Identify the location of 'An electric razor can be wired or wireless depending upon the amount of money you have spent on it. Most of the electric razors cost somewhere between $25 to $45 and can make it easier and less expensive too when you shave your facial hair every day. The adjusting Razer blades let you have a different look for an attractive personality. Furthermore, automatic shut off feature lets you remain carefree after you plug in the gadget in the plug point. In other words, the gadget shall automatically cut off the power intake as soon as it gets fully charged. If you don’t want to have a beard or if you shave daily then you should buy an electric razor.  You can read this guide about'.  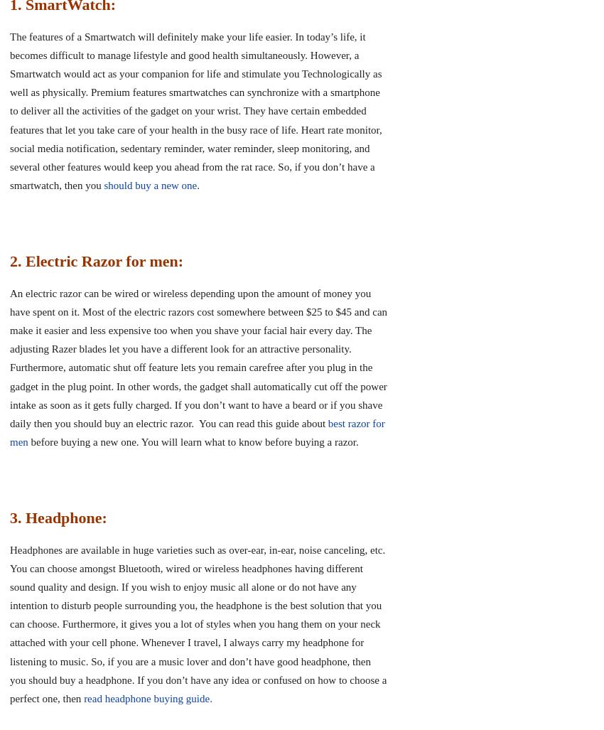
(198, 358).